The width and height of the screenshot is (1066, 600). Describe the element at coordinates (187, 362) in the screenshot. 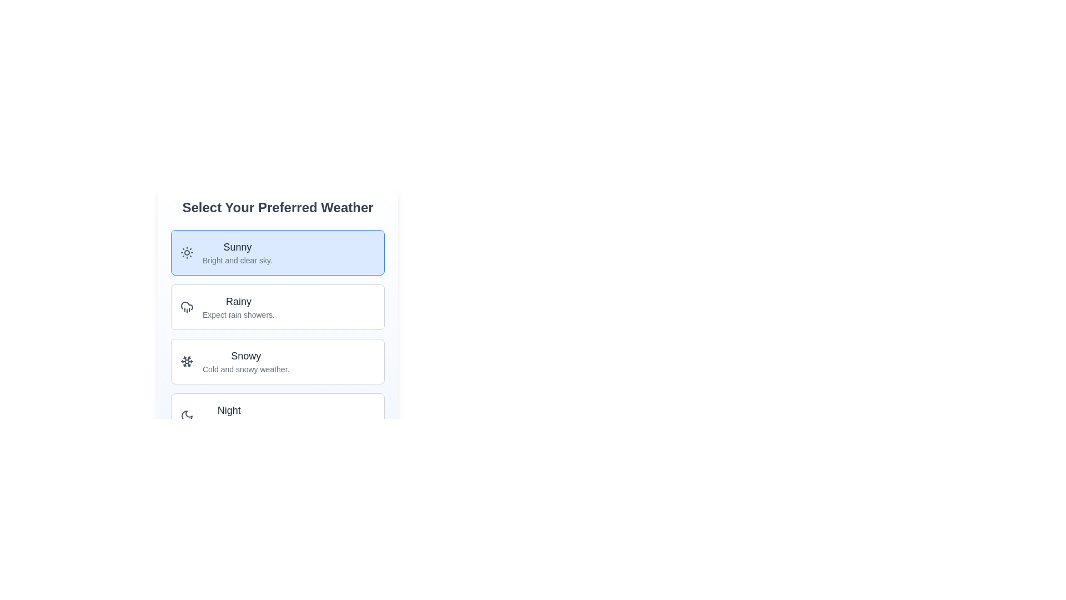

I see `the snowflake icon located on the left side of the 'Snowy' card in the weather selection interface` at that location.